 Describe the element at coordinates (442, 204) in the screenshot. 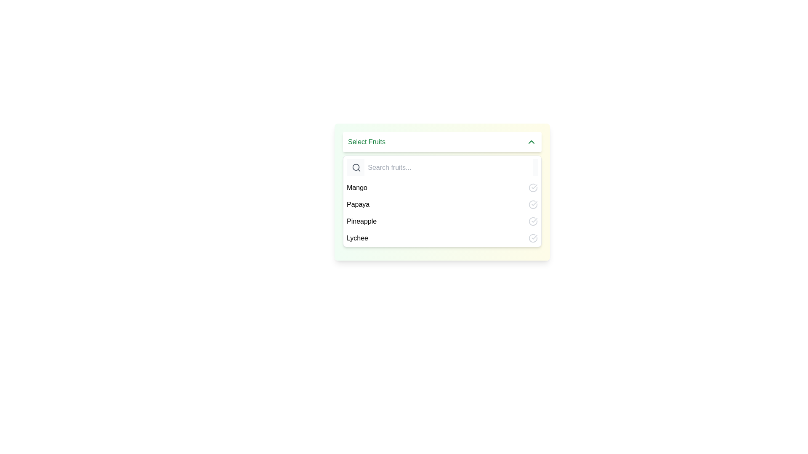

I see `the 'Papaya' option in the dropdown menu, which is the second selectable item located beneath 'Mango' and above 'Pineapple'` at that location.